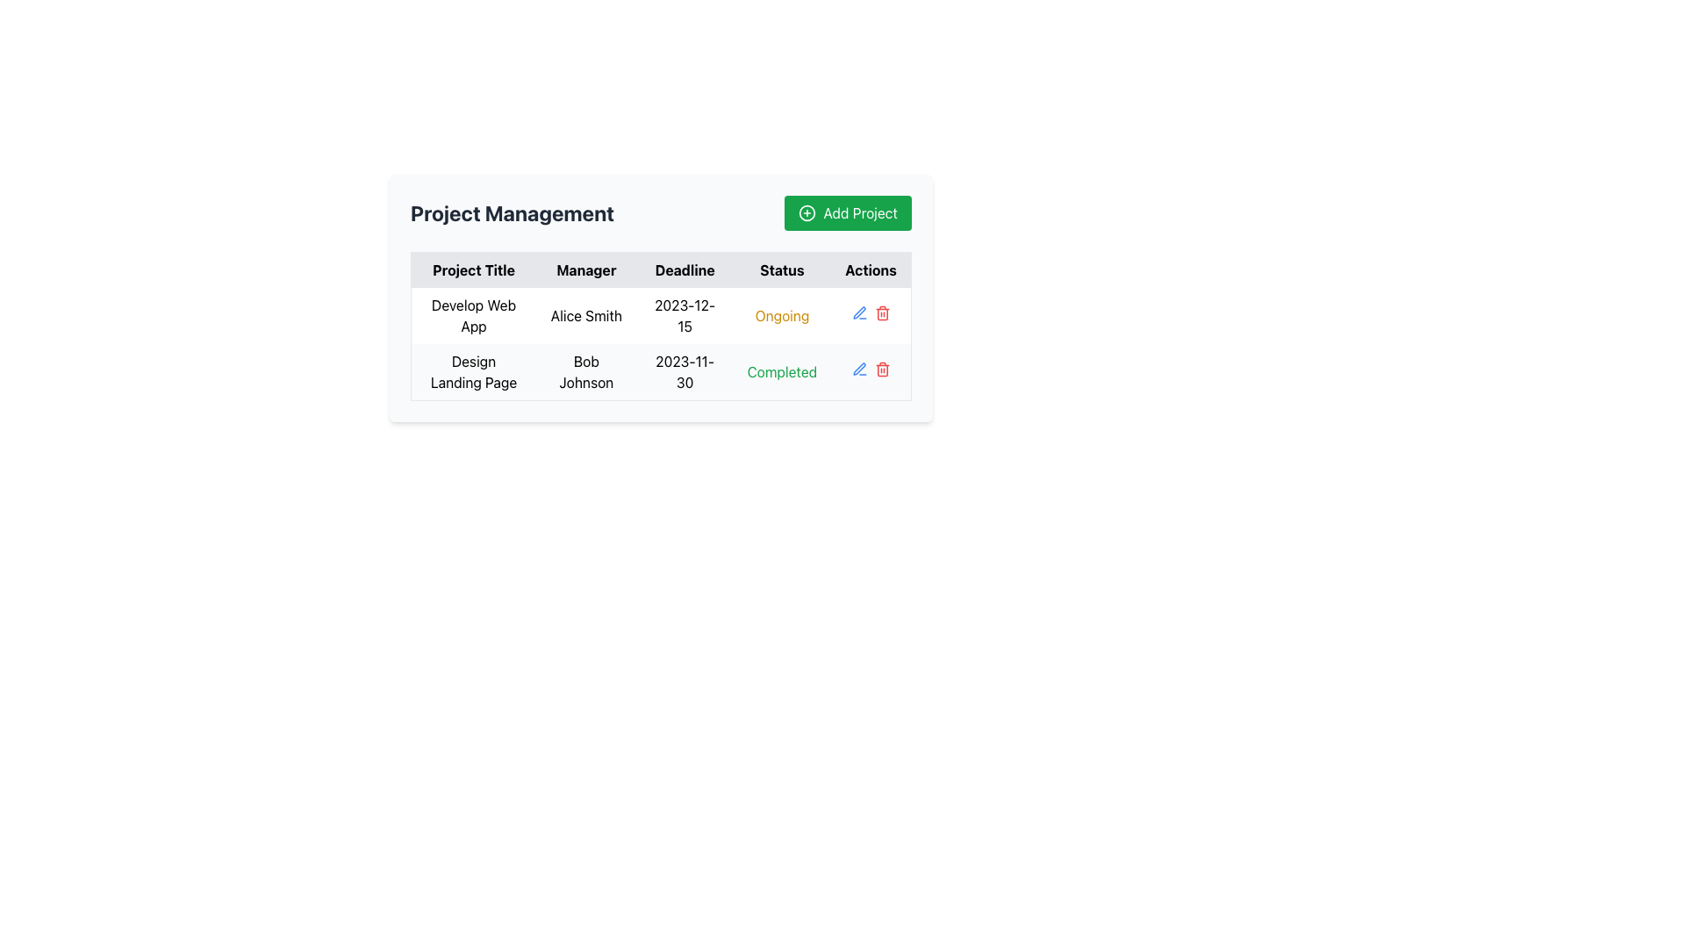 This screenshot has height=948, width=1685. Describe the element at coordinates (882, 313) in the screenshot. I see `the delete button in the second row of the table under the 'Actions' column for the 'Design Landing Page' project` at that location.